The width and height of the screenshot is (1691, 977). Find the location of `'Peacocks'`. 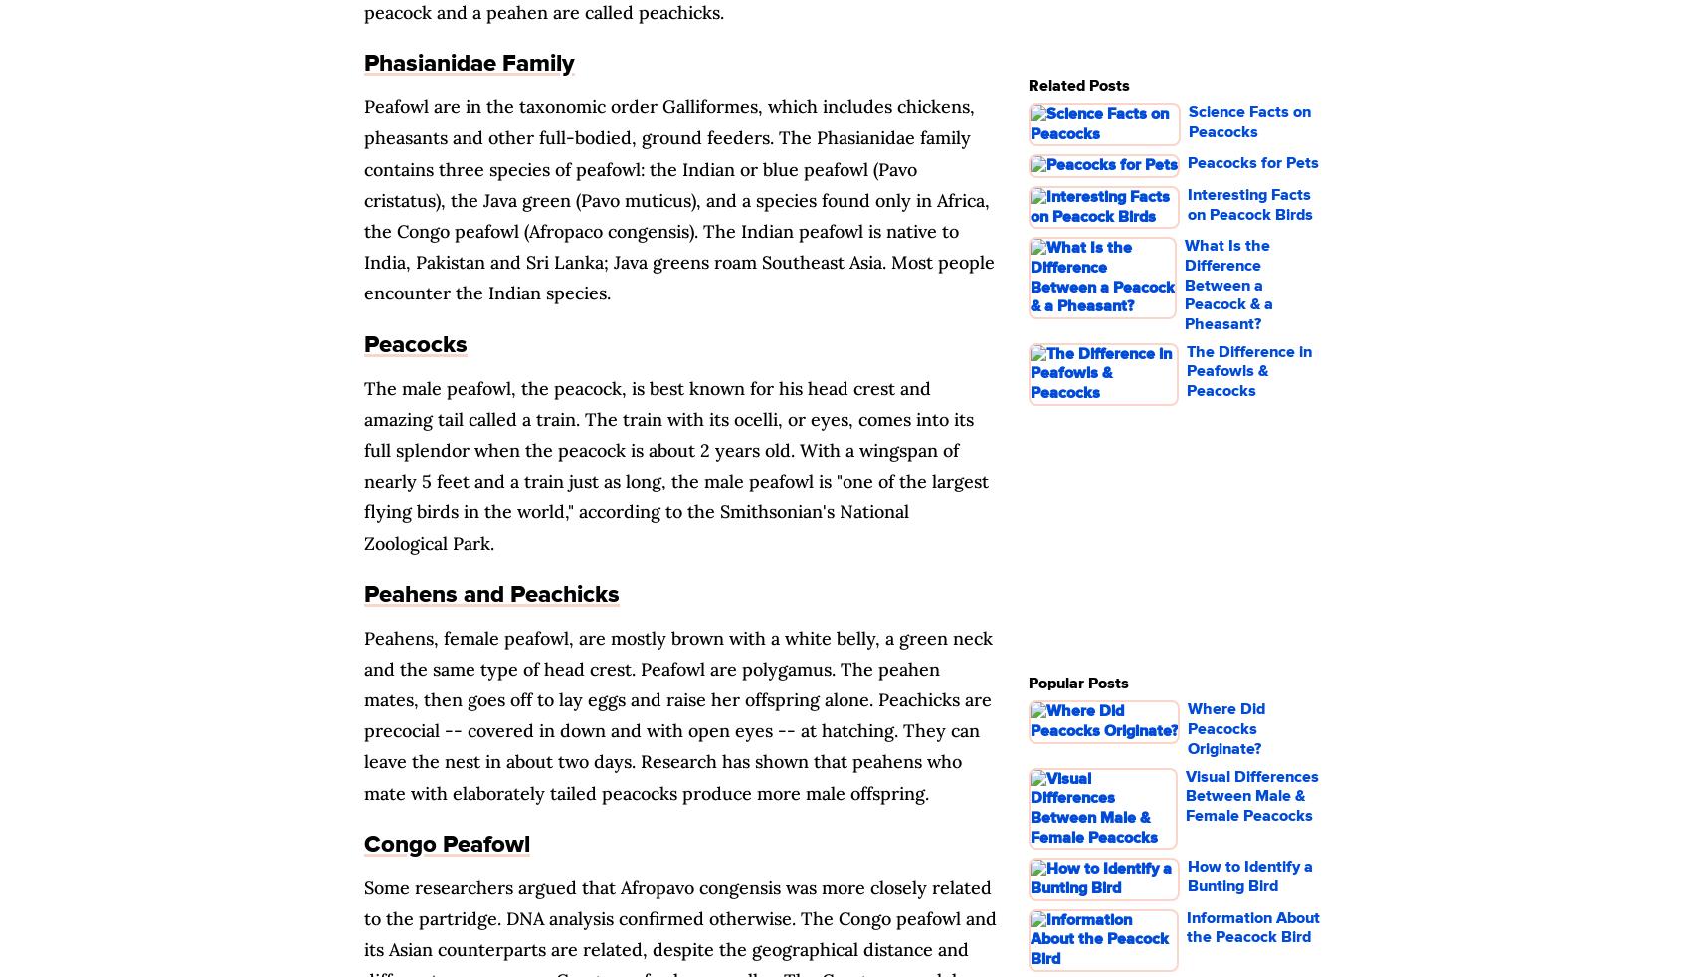

'Peacocks' is located at coordinates (363, 343).